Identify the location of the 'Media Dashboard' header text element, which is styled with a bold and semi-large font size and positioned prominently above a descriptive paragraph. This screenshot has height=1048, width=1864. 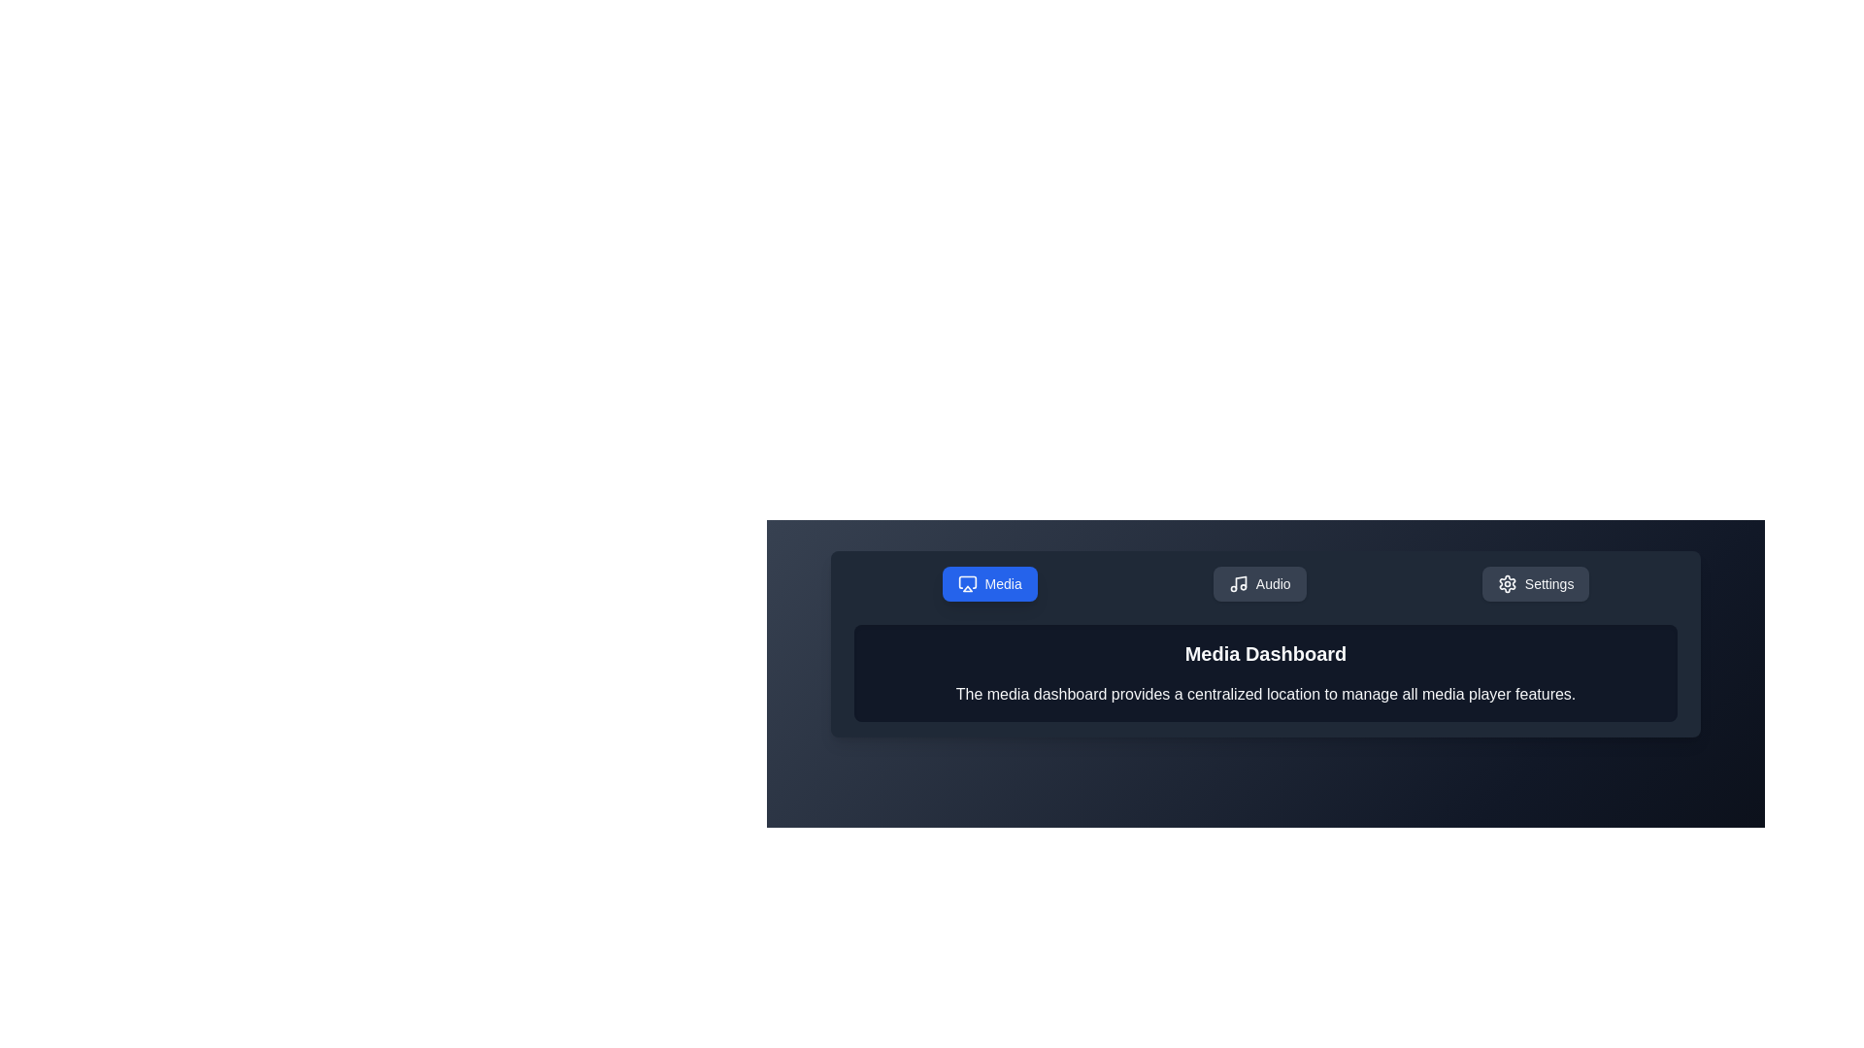
(1266, 654).